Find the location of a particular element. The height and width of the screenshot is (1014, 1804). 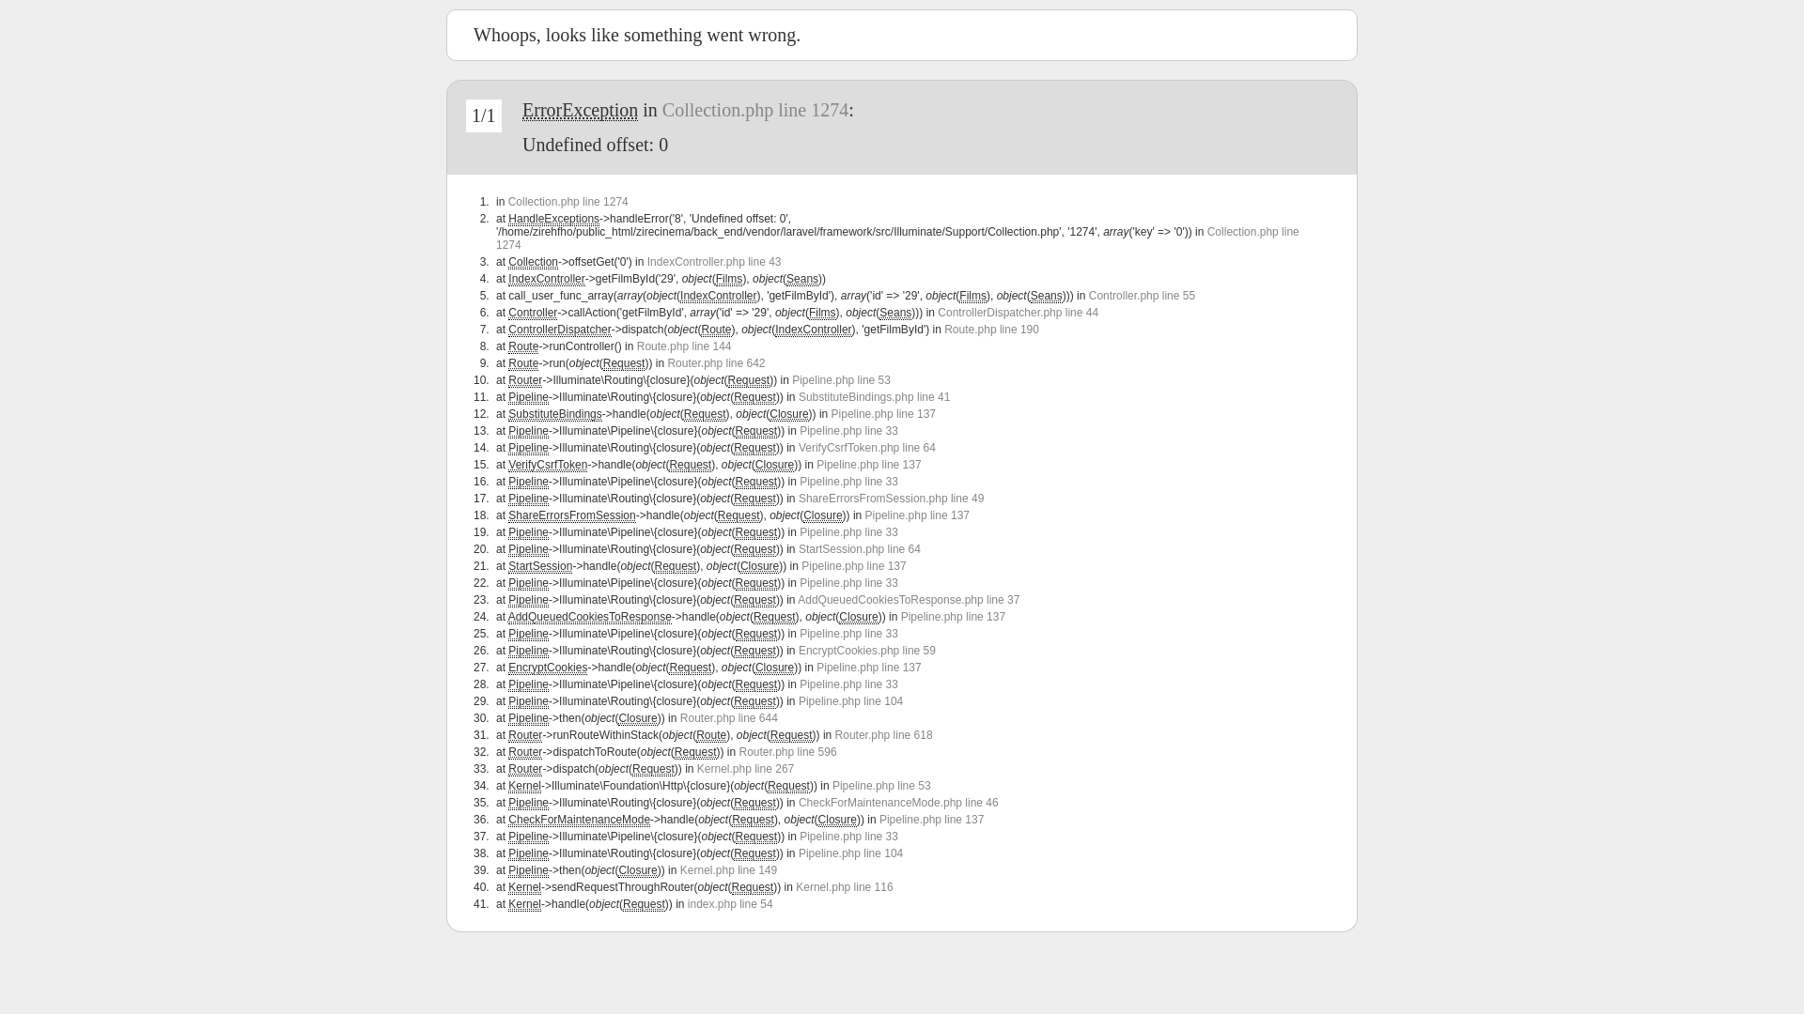

'Pipeline.php line 53' is located at coordinates (832, 786).